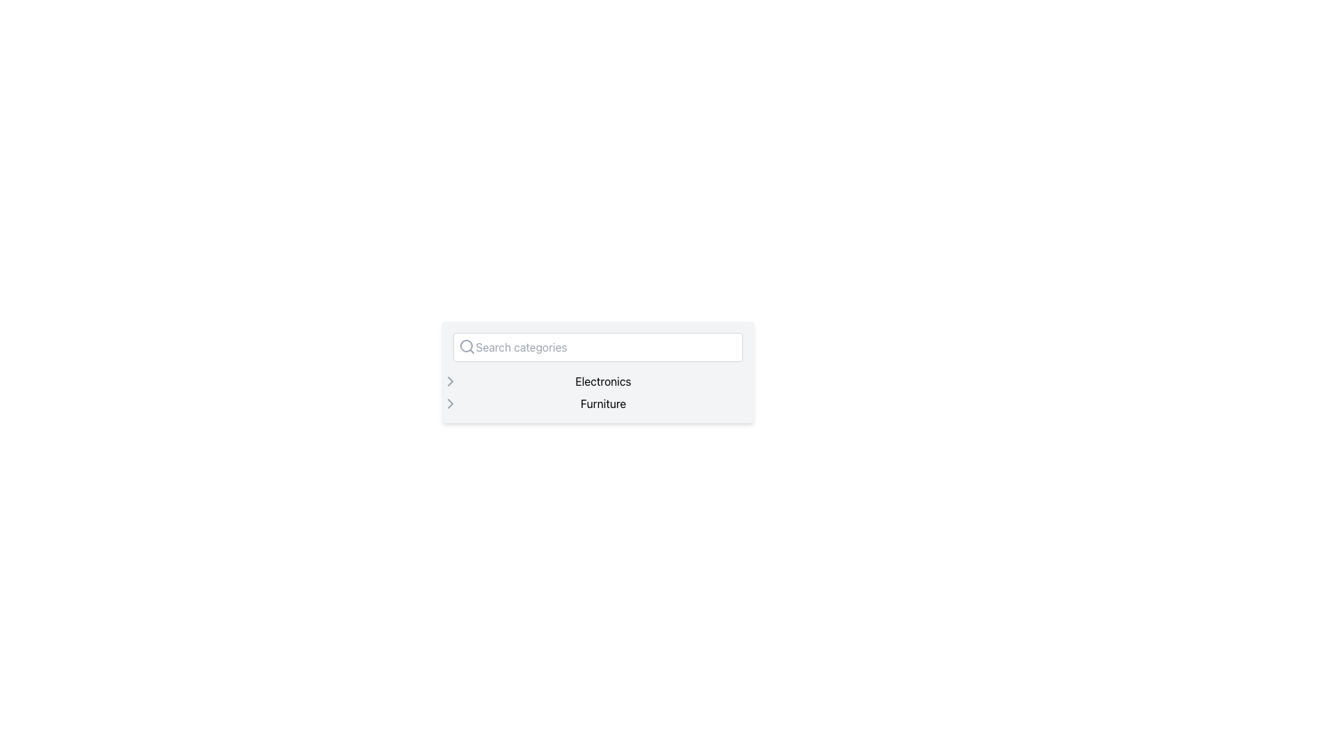 This screenshot has width=1337, height=752. I want to click on the second item in the dropdown menu labeled 'Furniture', so click(597, 403).